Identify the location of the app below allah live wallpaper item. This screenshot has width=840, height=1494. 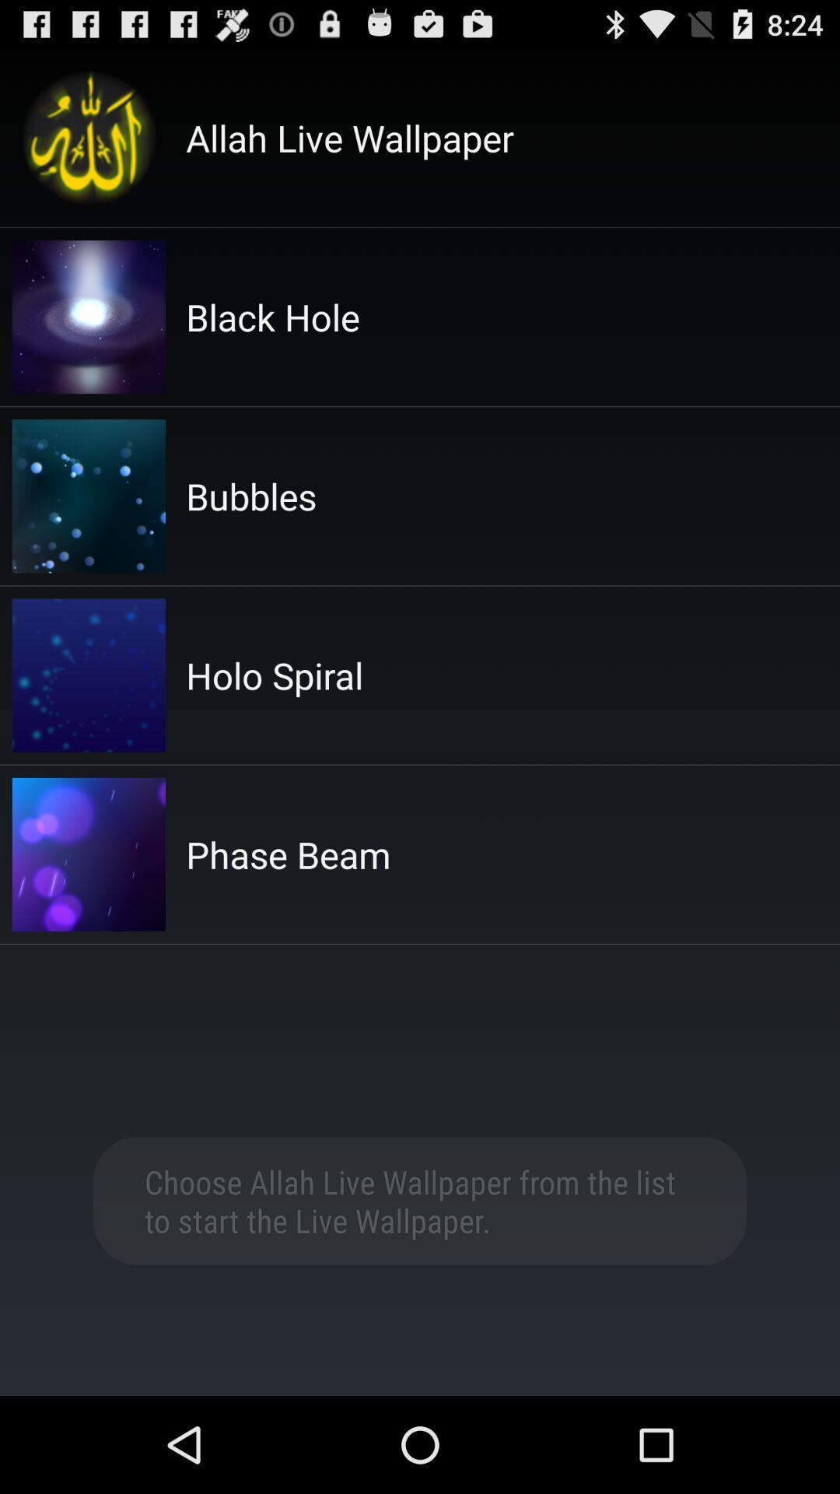
(272, 316).